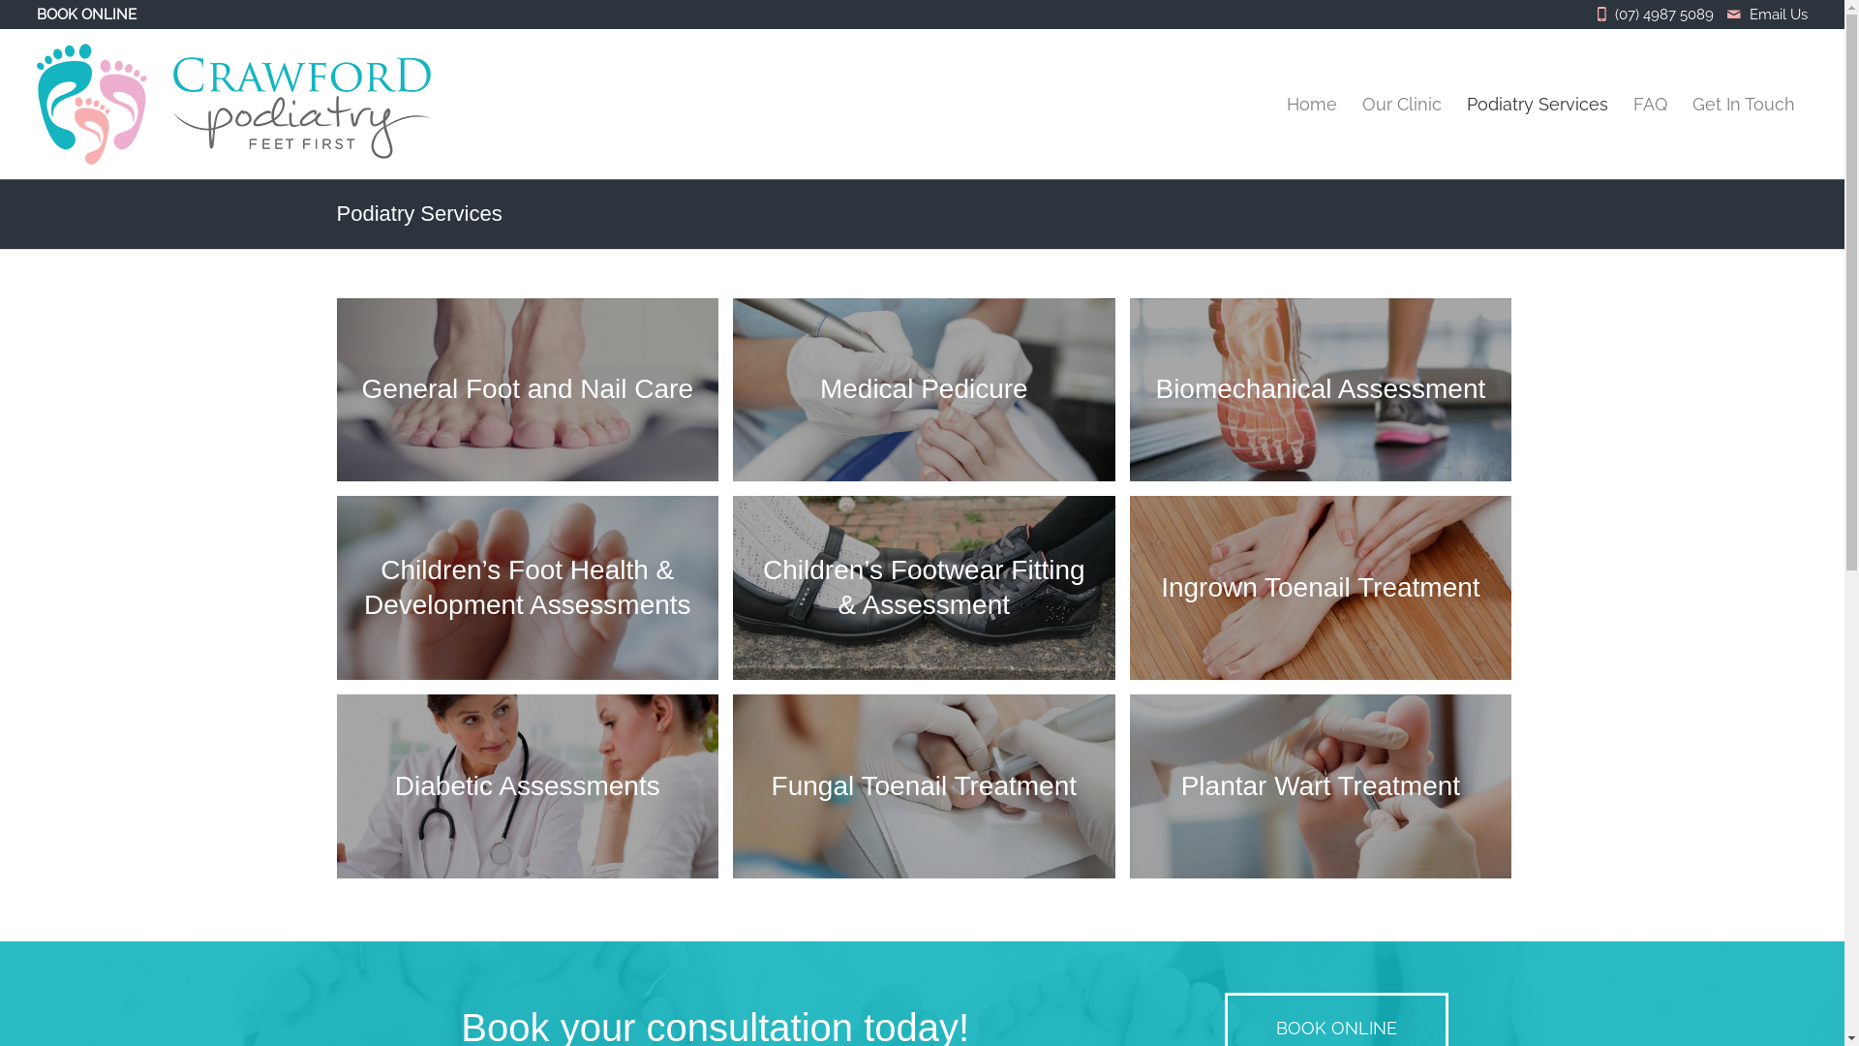 Image resolution: width=1859 pixels, height=1046 pixels. What do you see at coordinates (534, 793) in the screenshot?
I see `'Diabetic Assessments'` at bounding box center [534, 793].